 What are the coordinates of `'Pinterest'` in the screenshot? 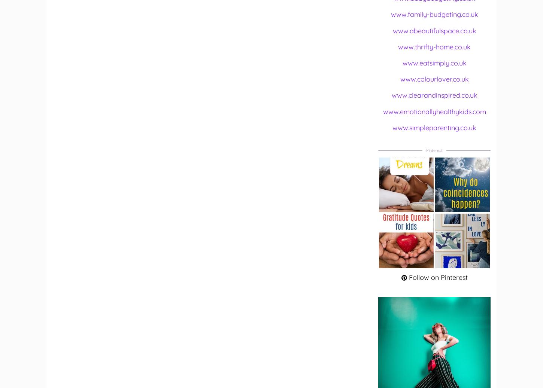 It's located at (425, 150).